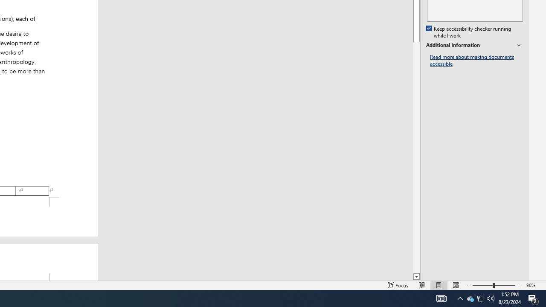  I want to click on 'Zoom Out', so click(482, 285).